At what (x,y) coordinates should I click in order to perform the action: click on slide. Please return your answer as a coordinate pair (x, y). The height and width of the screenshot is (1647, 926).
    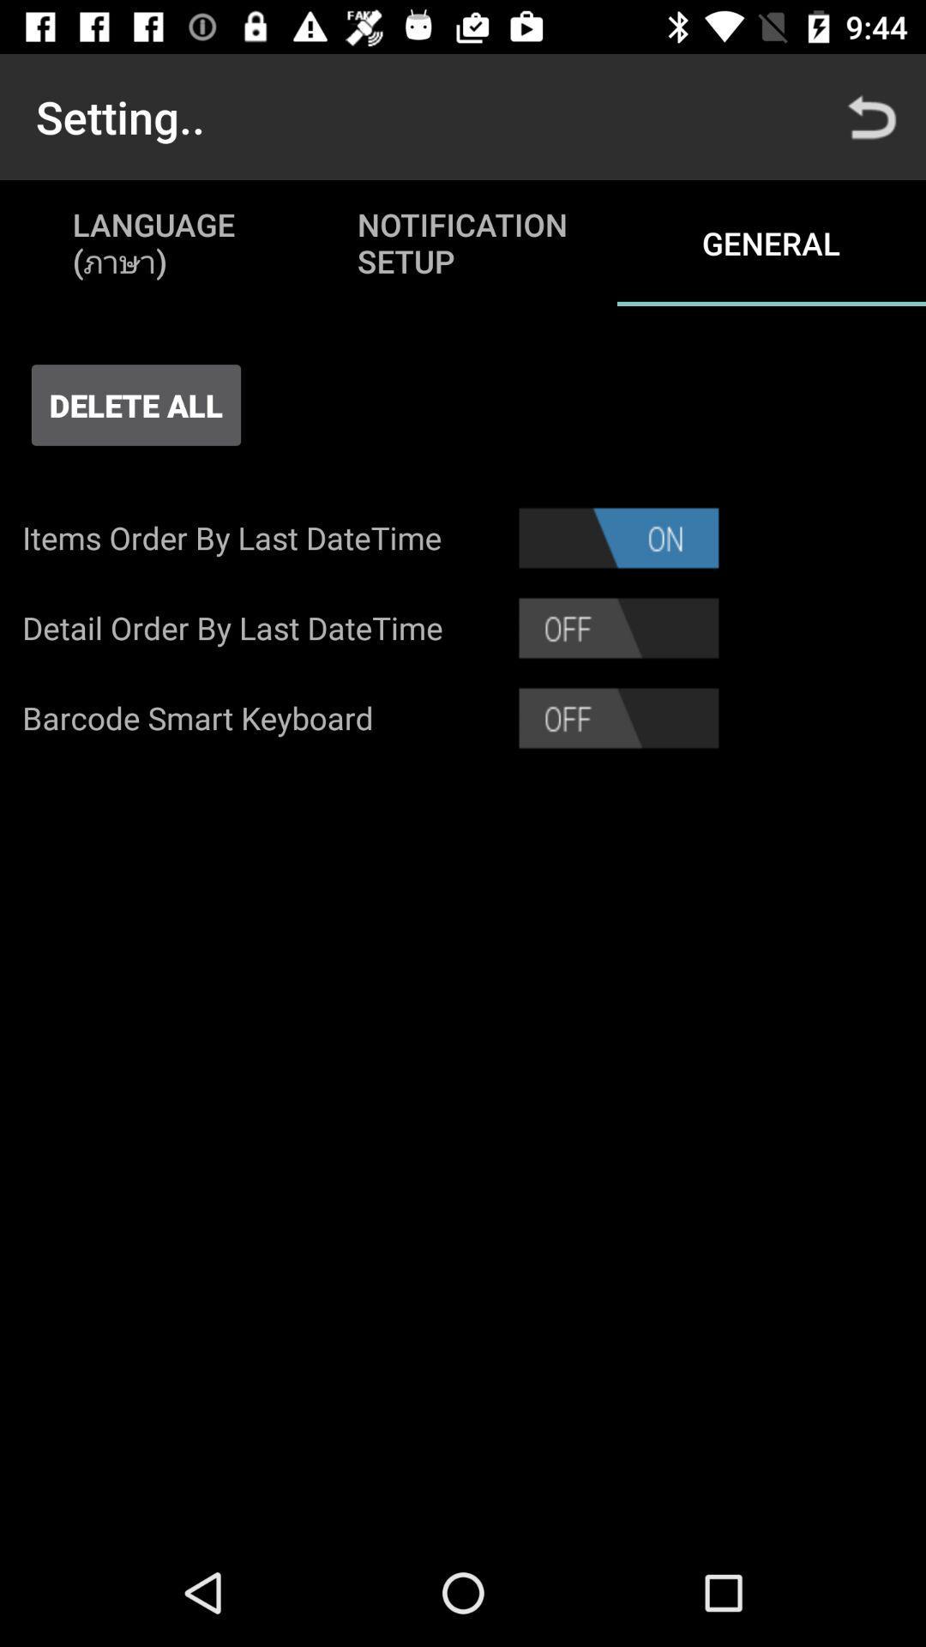
    Looking at the image, I should click on (618, 718).